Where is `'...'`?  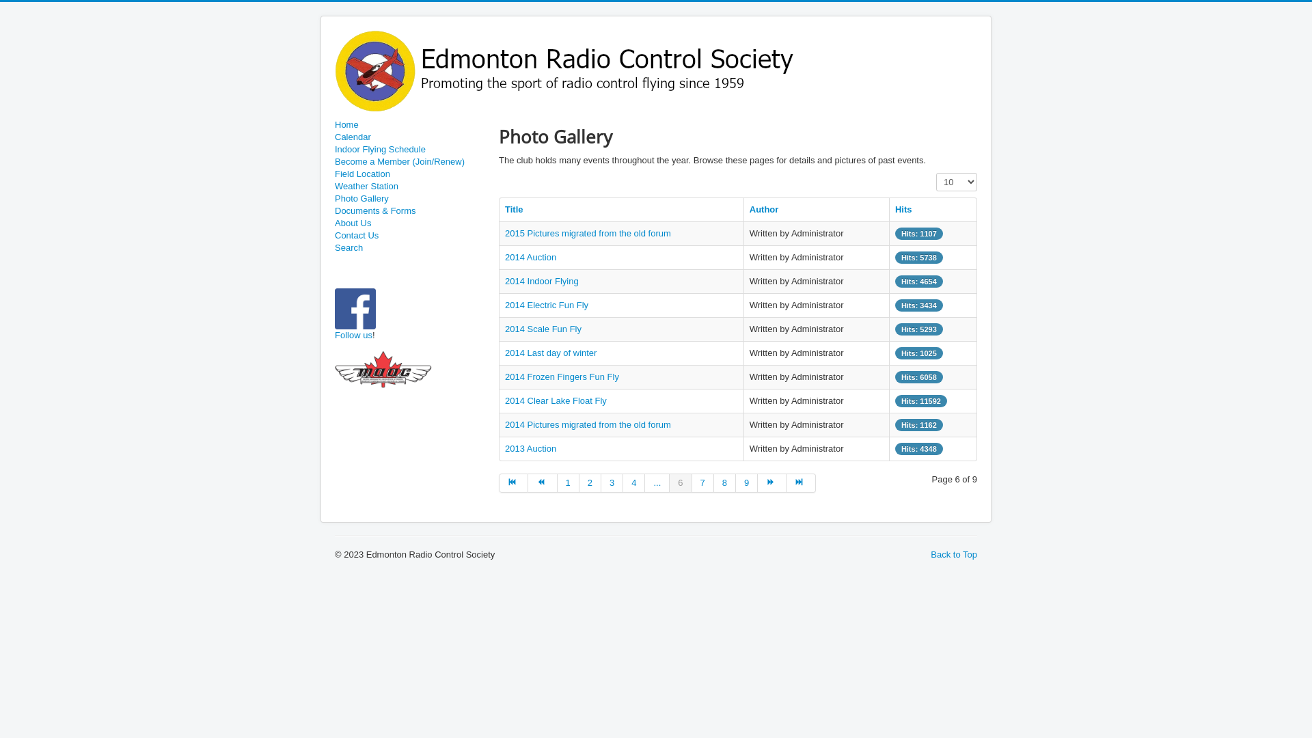 '...' is located at coordinates (657, 482).